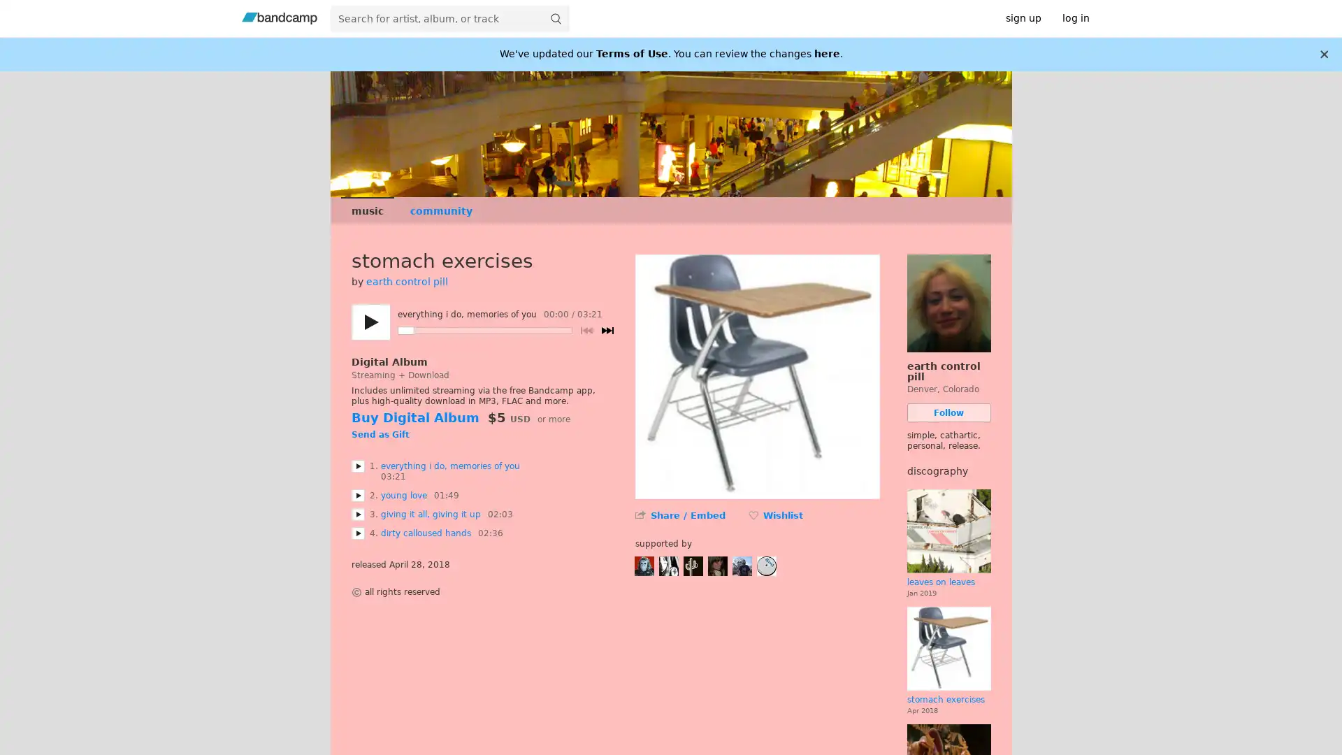 This screenshot has height=755, width=1342. What do you see at coordinates (414, 417) in the screenshot?
I see `Buy Digital Album` at bounding box center [414, 417].